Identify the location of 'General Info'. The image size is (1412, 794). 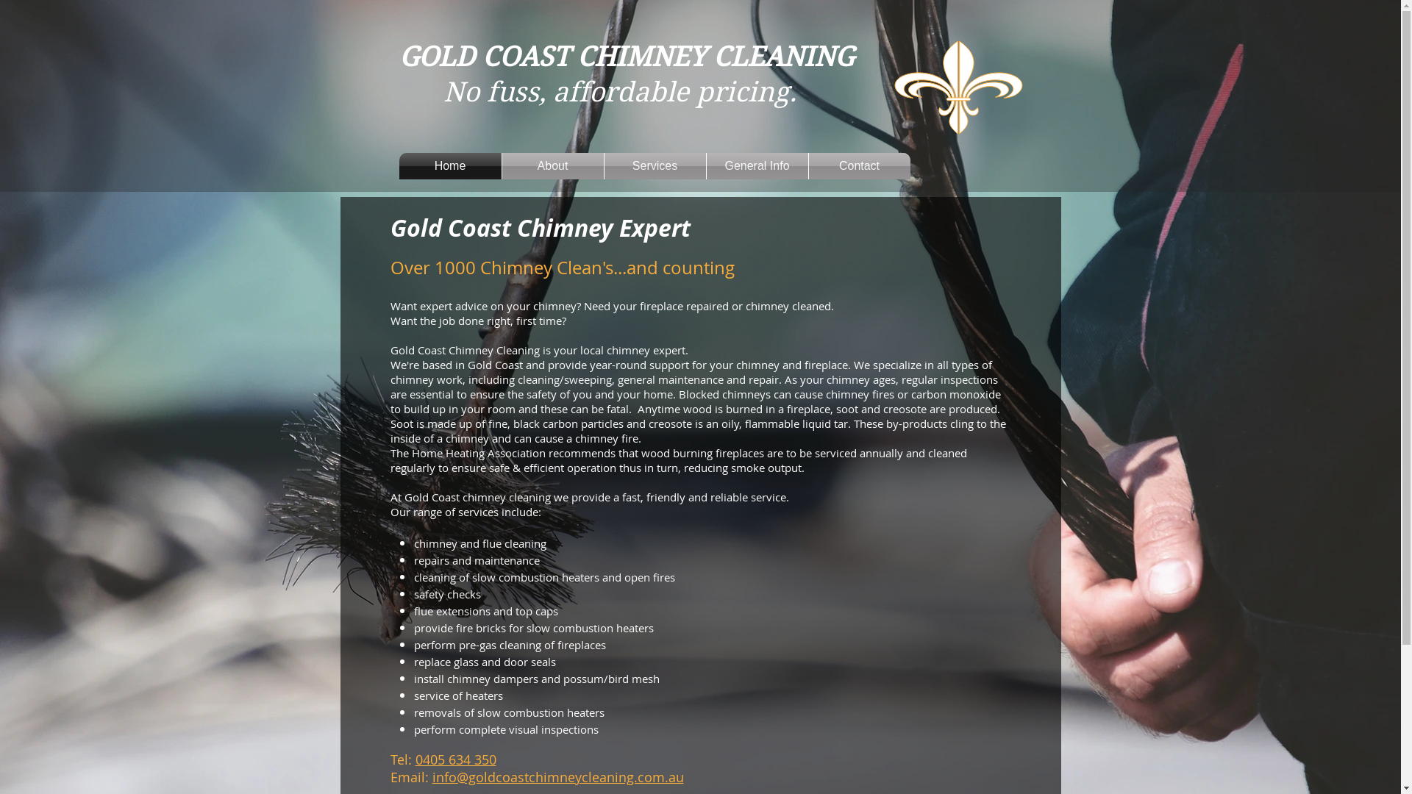
(706, 165).